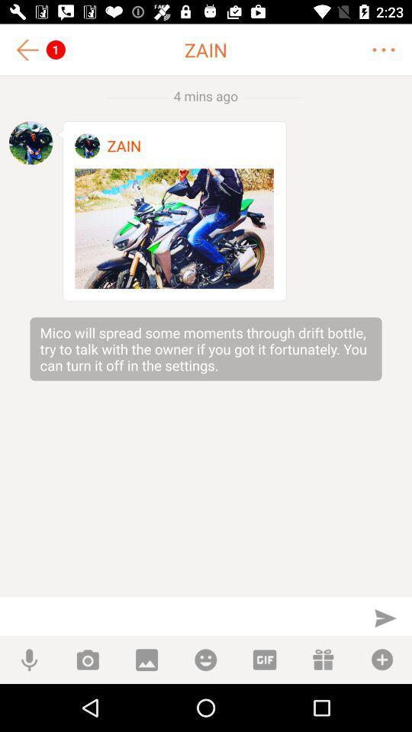 This screenshot has height=732, width=412. What do you see at coordinates (29, 659) in the screenshot?
I see `microphone off` at bounding box center [29, 659].